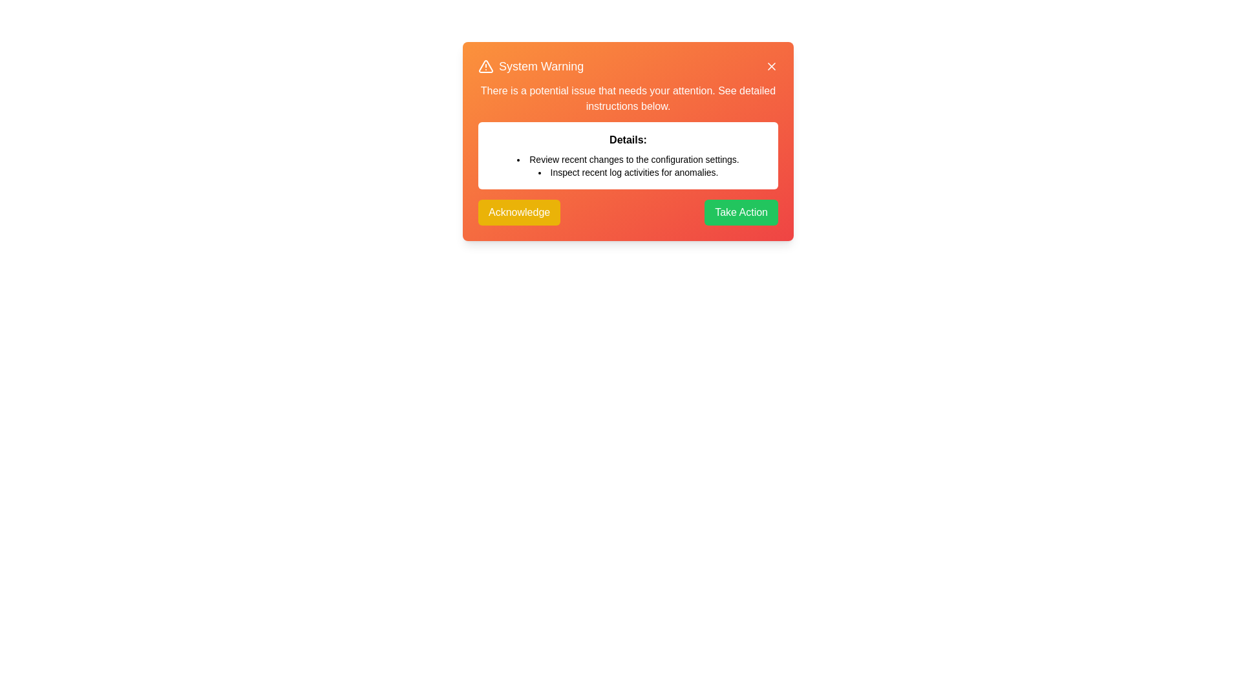 The width and height of the screenshot is (1241, 698). What do you see at coordinates (628, 158) in the screenshot?
I see `informative text labeled 'Review recent changes to the configuration settings.' which is the first entry in the bullet-point list within the 'Details' dialog box` at bounding box center [628, 158].